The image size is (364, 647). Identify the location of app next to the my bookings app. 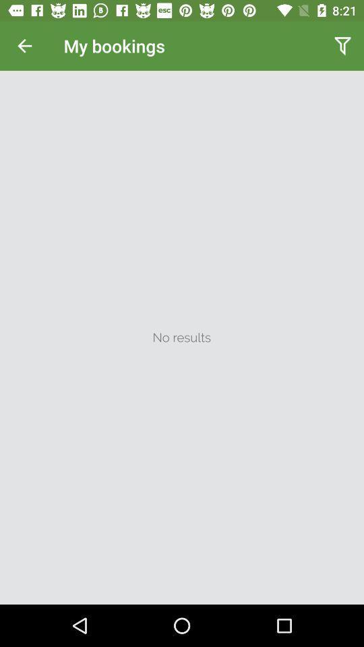
(24, 46).